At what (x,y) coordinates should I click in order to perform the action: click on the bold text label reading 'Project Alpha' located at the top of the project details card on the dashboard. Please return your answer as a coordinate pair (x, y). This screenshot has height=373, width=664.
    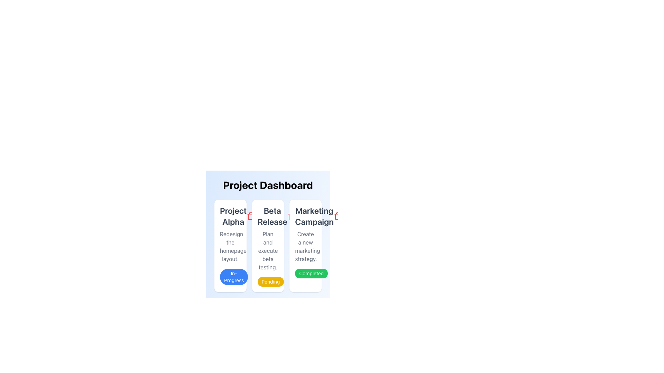
    Looking at the image, I should click on (230, 216).